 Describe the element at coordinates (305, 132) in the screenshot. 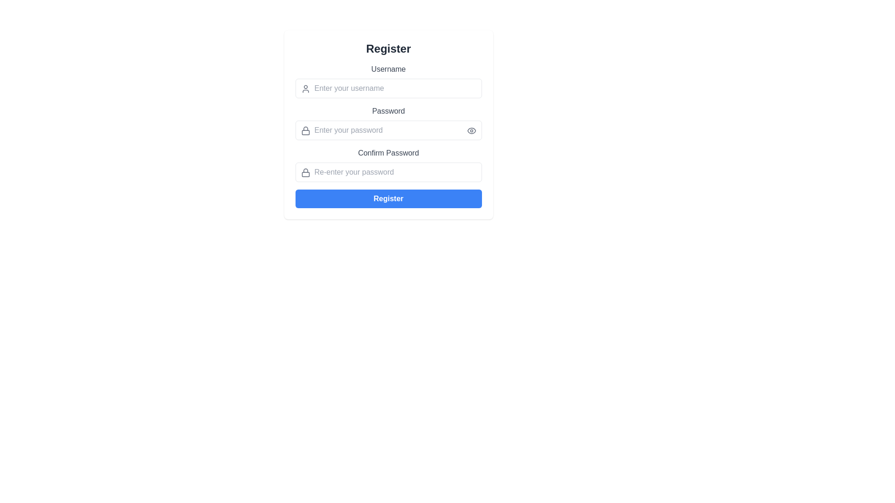

I see `the rectangular part of the lock icon, which signifies secure input fields, located near the password input area` at that location.